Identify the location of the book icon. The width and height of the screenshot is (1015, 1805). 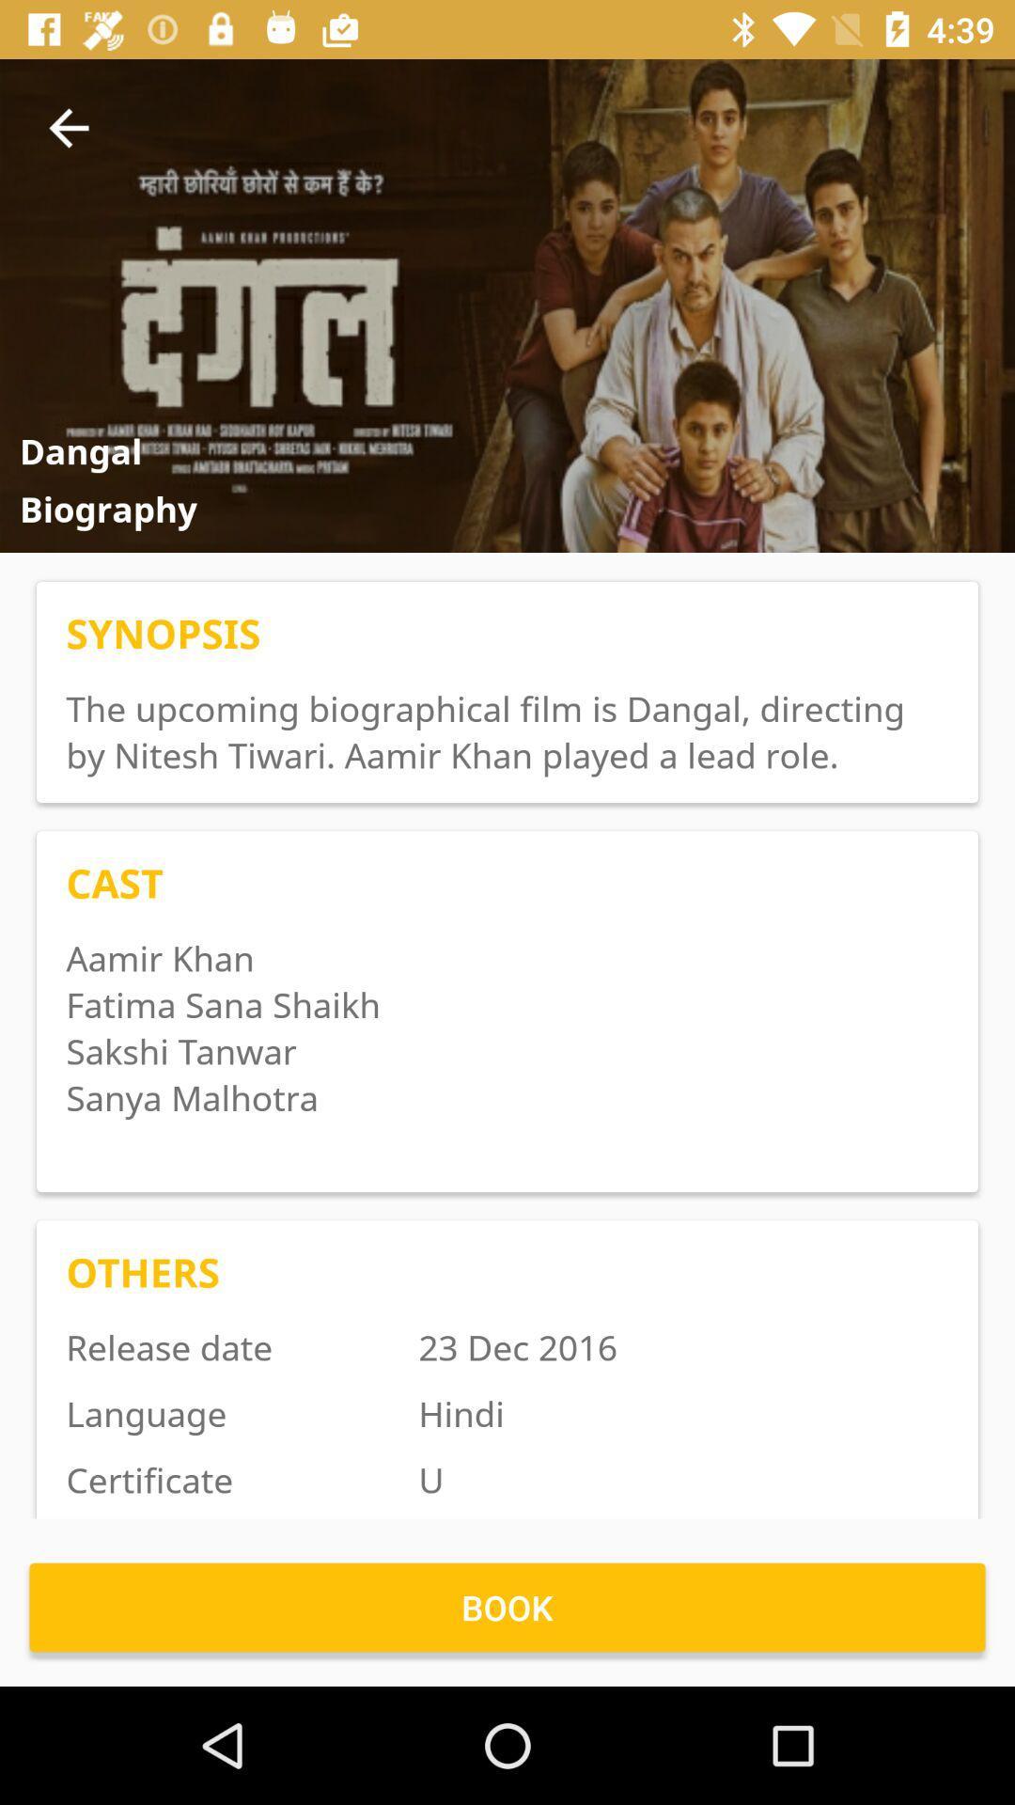
(507, 1606).